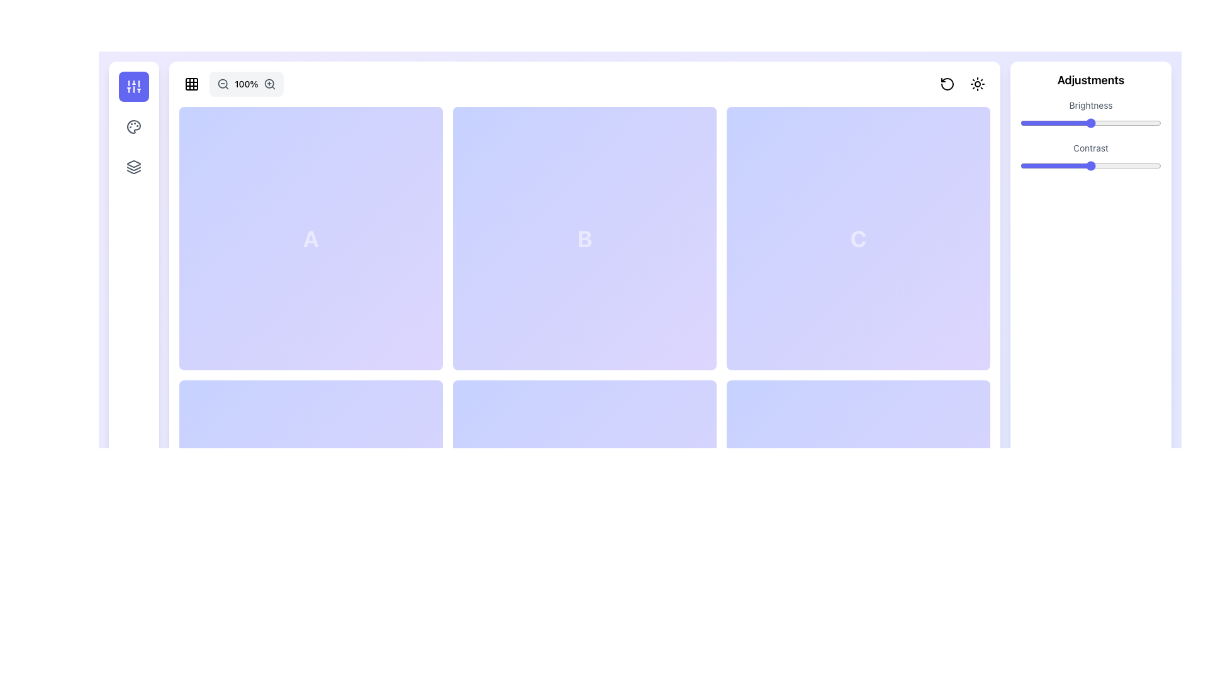 Image resolution: width=1208 pixels, height=679 pixels. I want to click on the small circular button with a white background located at the center of the purple tile labeled 'B' in the grid layout, so click(584, 238).